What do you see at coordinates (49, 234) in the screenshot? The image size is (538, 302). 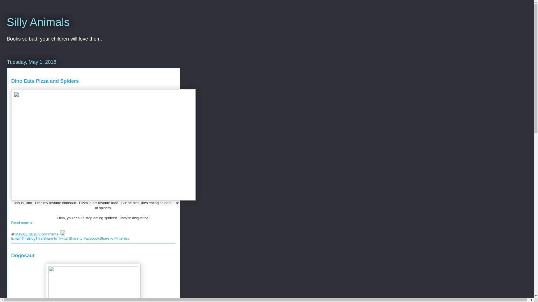 I see `'6 comments:'` at bounding box center [49, 234].